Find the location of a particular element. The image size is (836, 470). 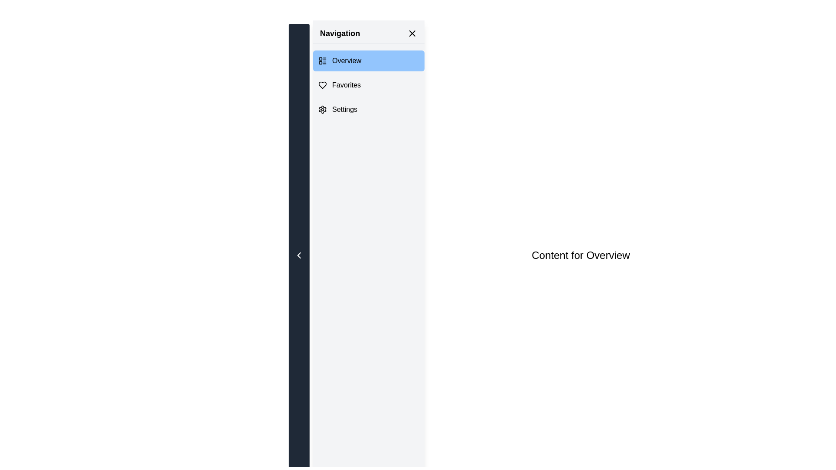

graphical heart icon representing the 'Favorites' functionality in the navigation menu for accessibility testing is located at coordinates (322, 85).